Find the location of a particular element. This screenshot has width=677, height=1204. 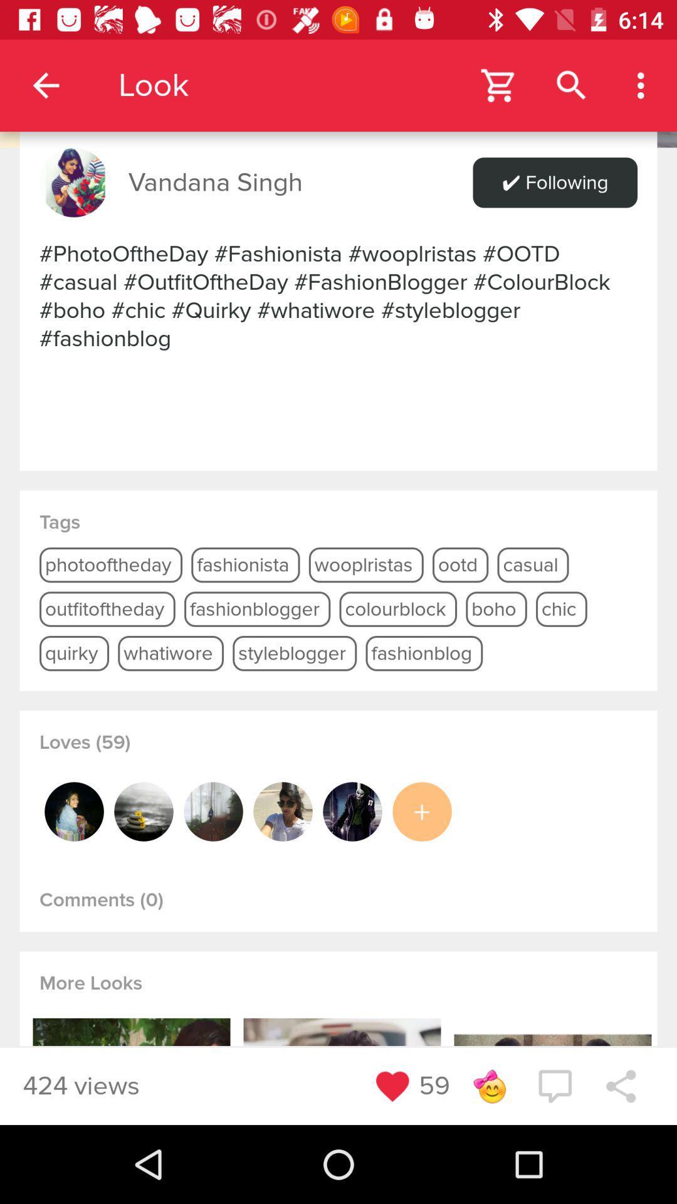

profile picture is located at coordinates (352, 811).